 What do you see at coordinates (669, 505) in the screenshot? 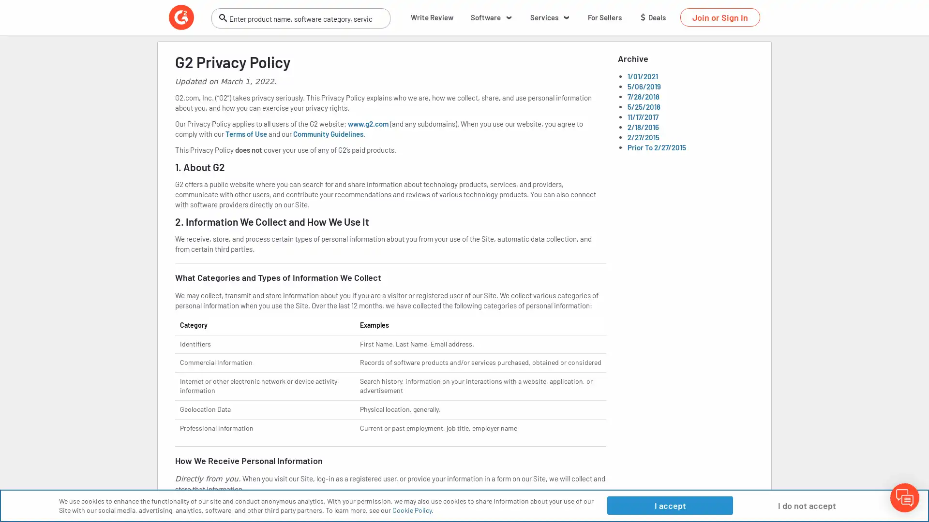
I see `I accept` at bounding box center [669, 505].